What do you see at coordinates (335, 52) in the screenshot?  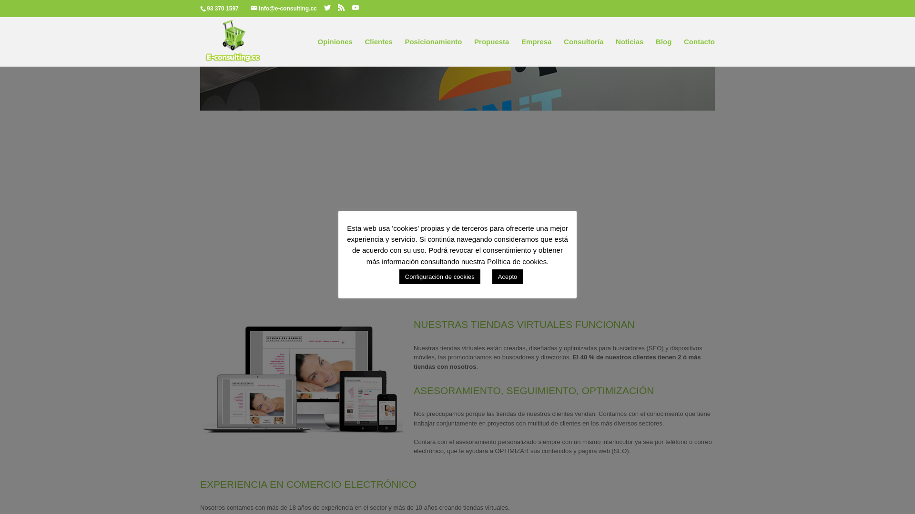 I see `'Opiniones'` at bounding box center [335, 52].